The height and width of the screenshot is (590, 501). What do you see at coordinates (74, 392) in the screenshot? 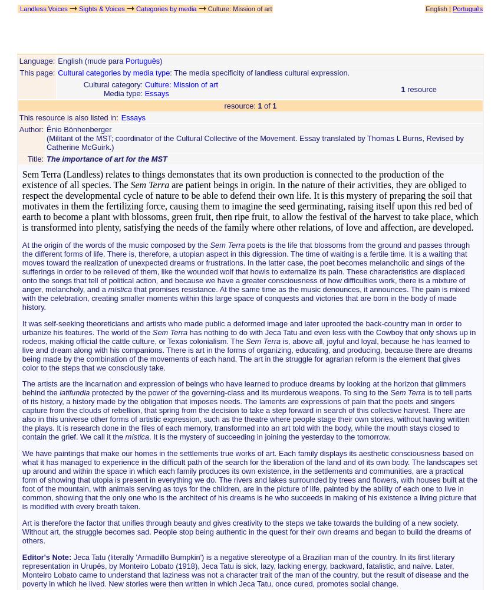
I see `'latifundia'` at bounding box center [74, 392].